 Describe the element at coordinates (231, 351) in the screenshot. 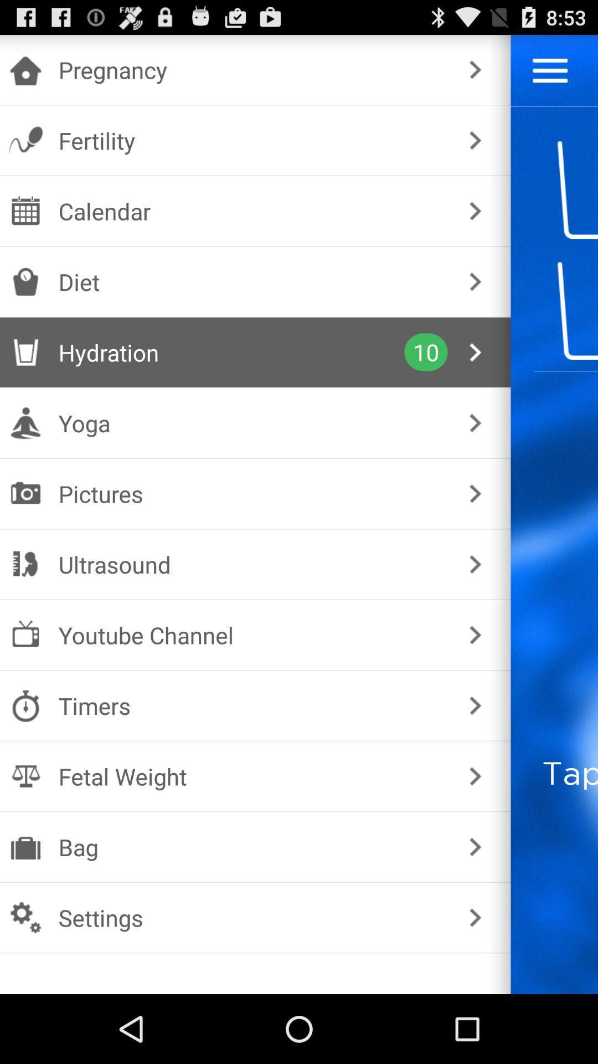

I see `the icon to the left of the 10` at that location.